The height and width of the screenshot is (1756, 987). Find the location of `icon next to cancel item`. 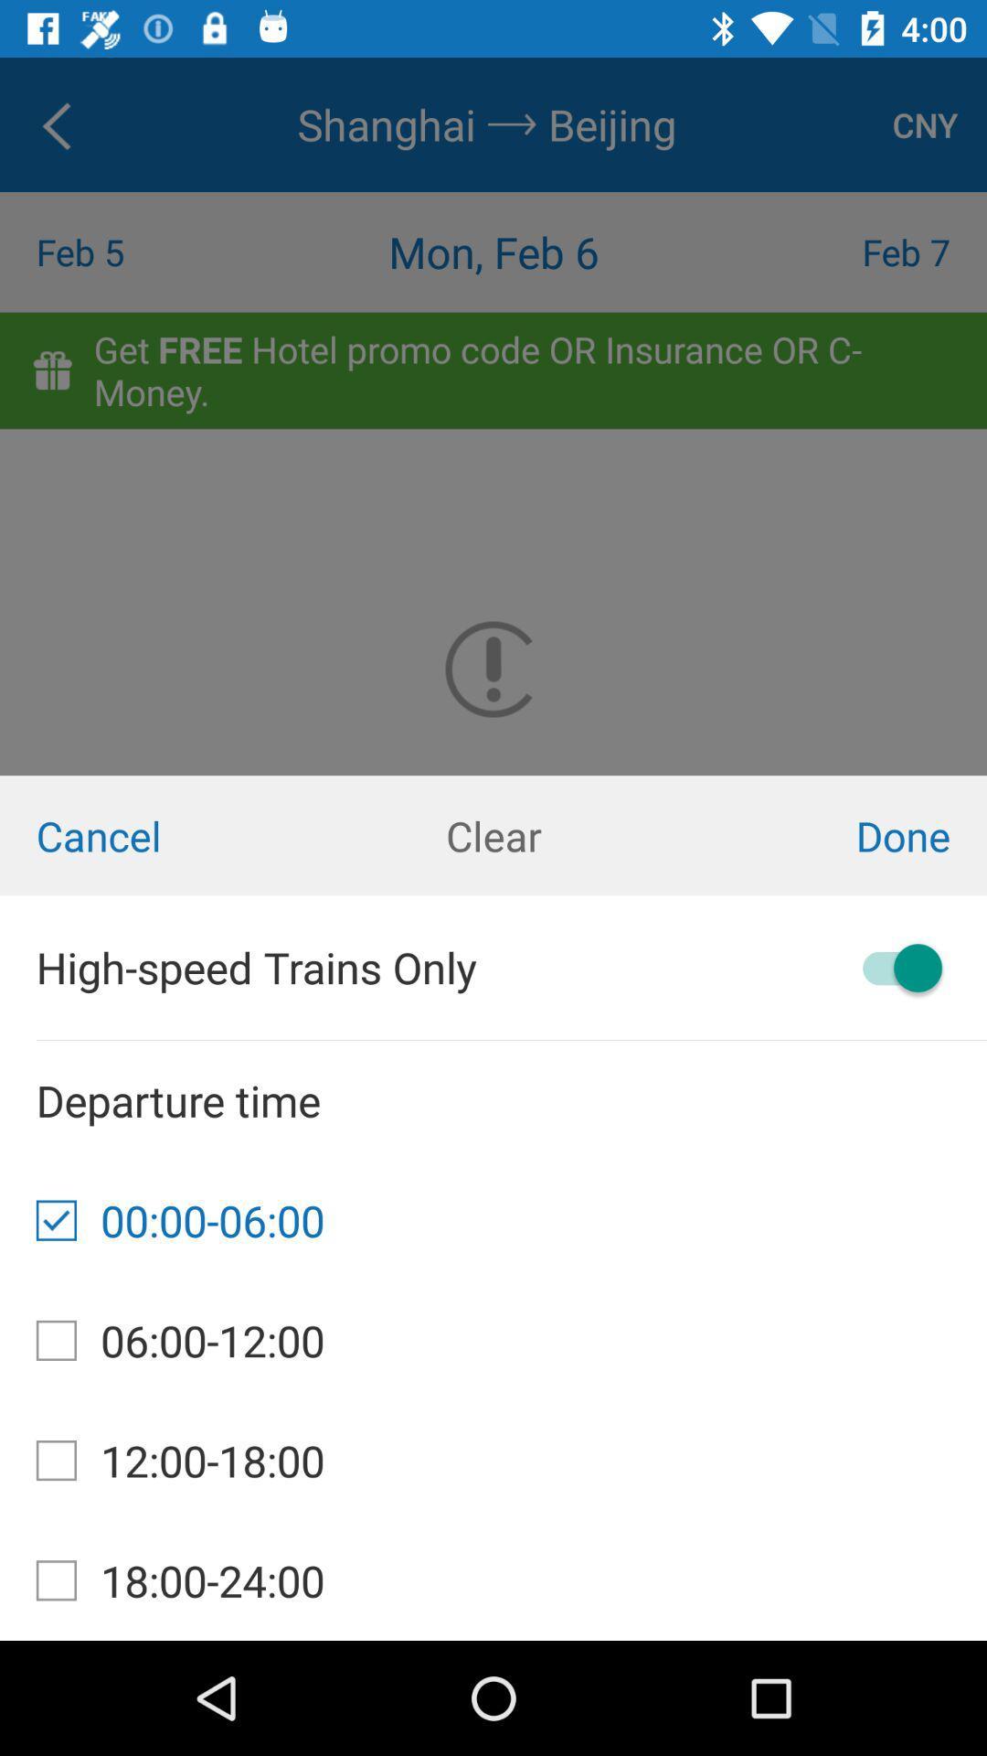

icon next to cancel item is located at coordinates (493, 834).